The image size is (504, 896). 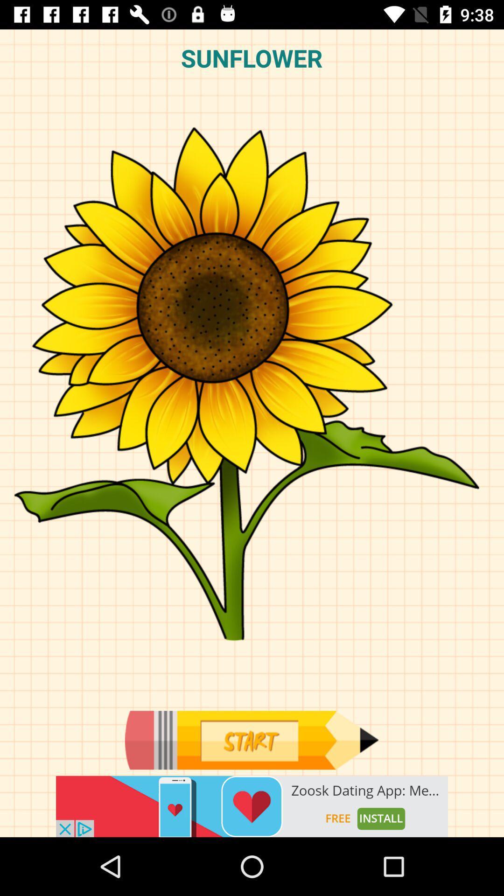 I want to click on advertisement, so click(x=252, y=806).